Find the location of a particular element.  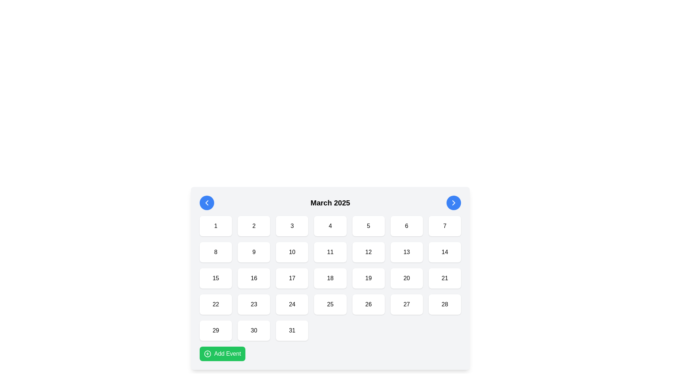

the Chevron Right SVG Icon within the circular button in the top-right corner of the calendar header is located at coordinates (453, 203).